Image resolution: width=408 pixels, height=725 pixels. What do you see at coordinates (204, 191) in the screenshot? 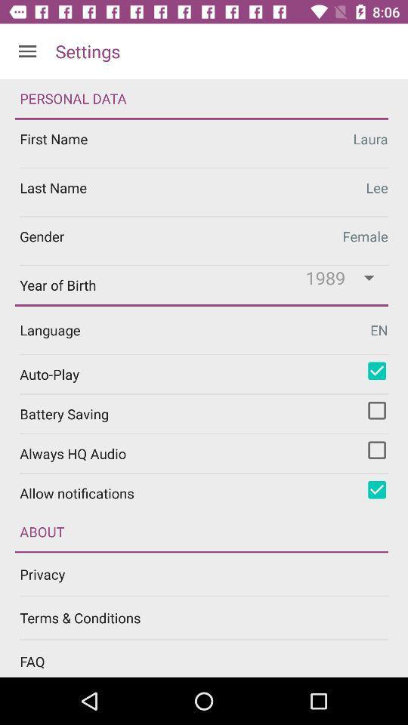
I see `last name field` at bounding box center [204, 191].